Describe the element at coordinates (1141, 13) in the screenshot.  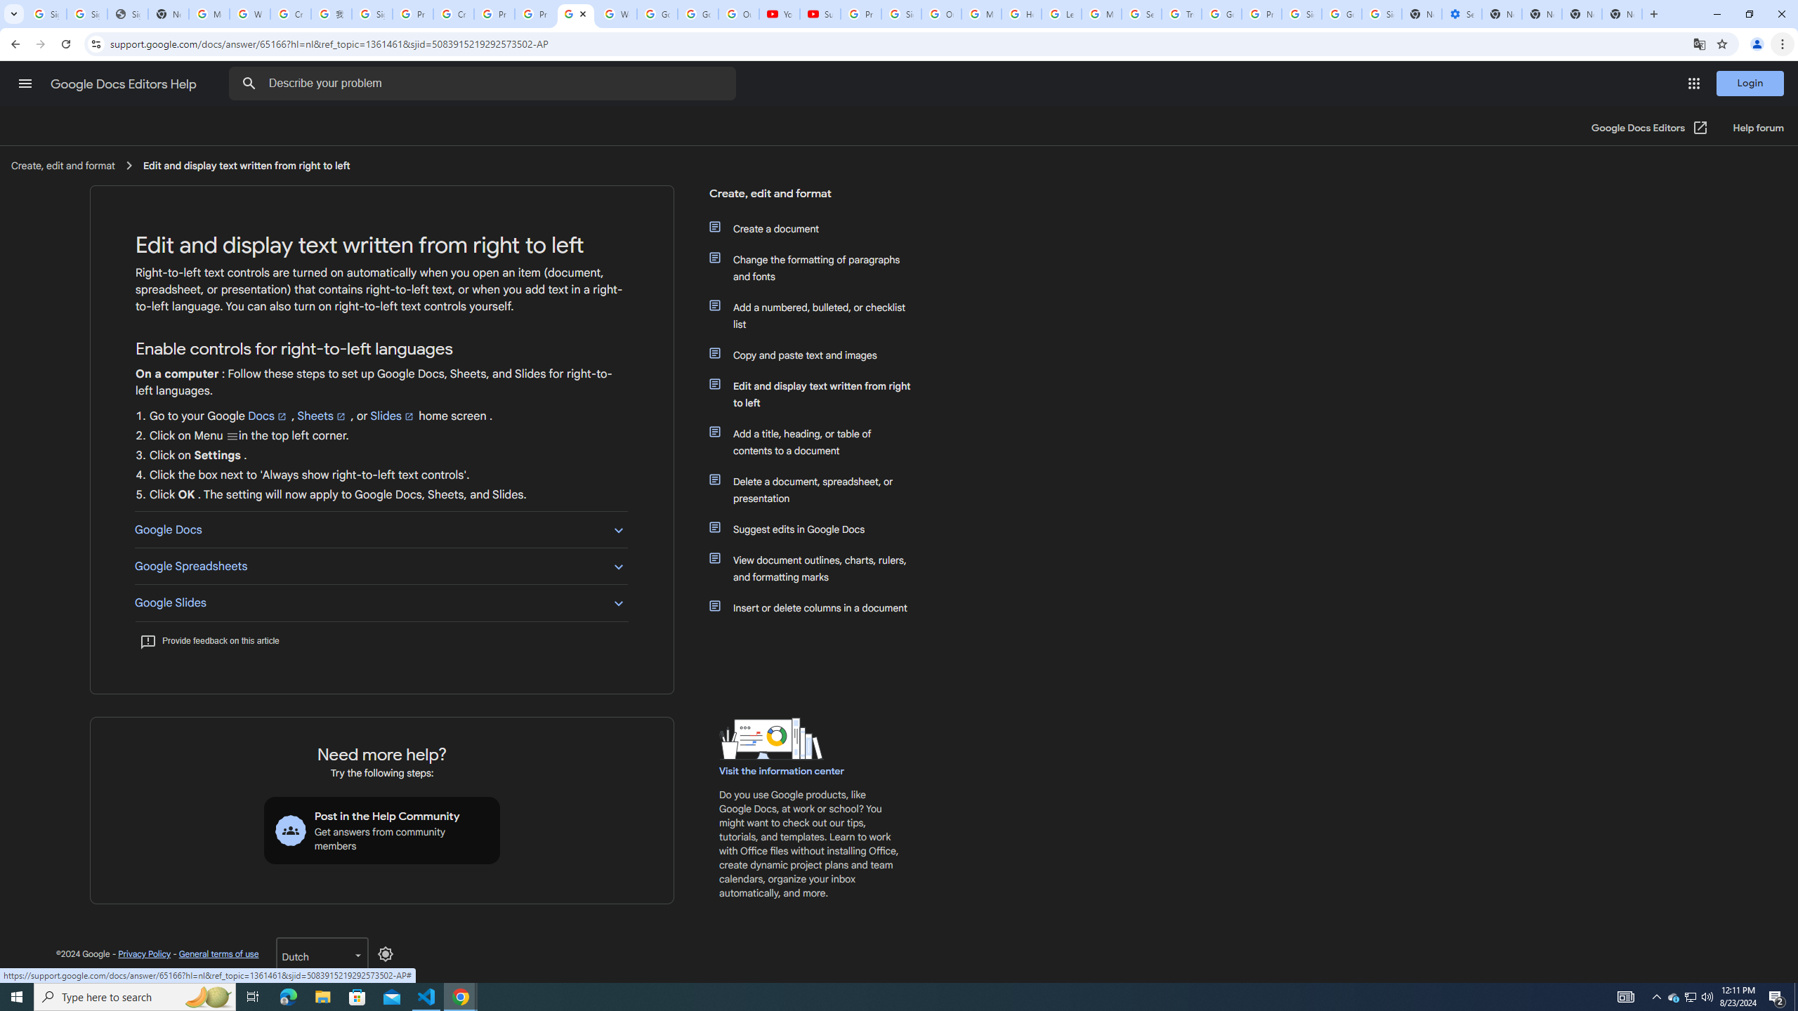
I see `'Search our Doodle Library Collection - Google Doodles'` at that location.